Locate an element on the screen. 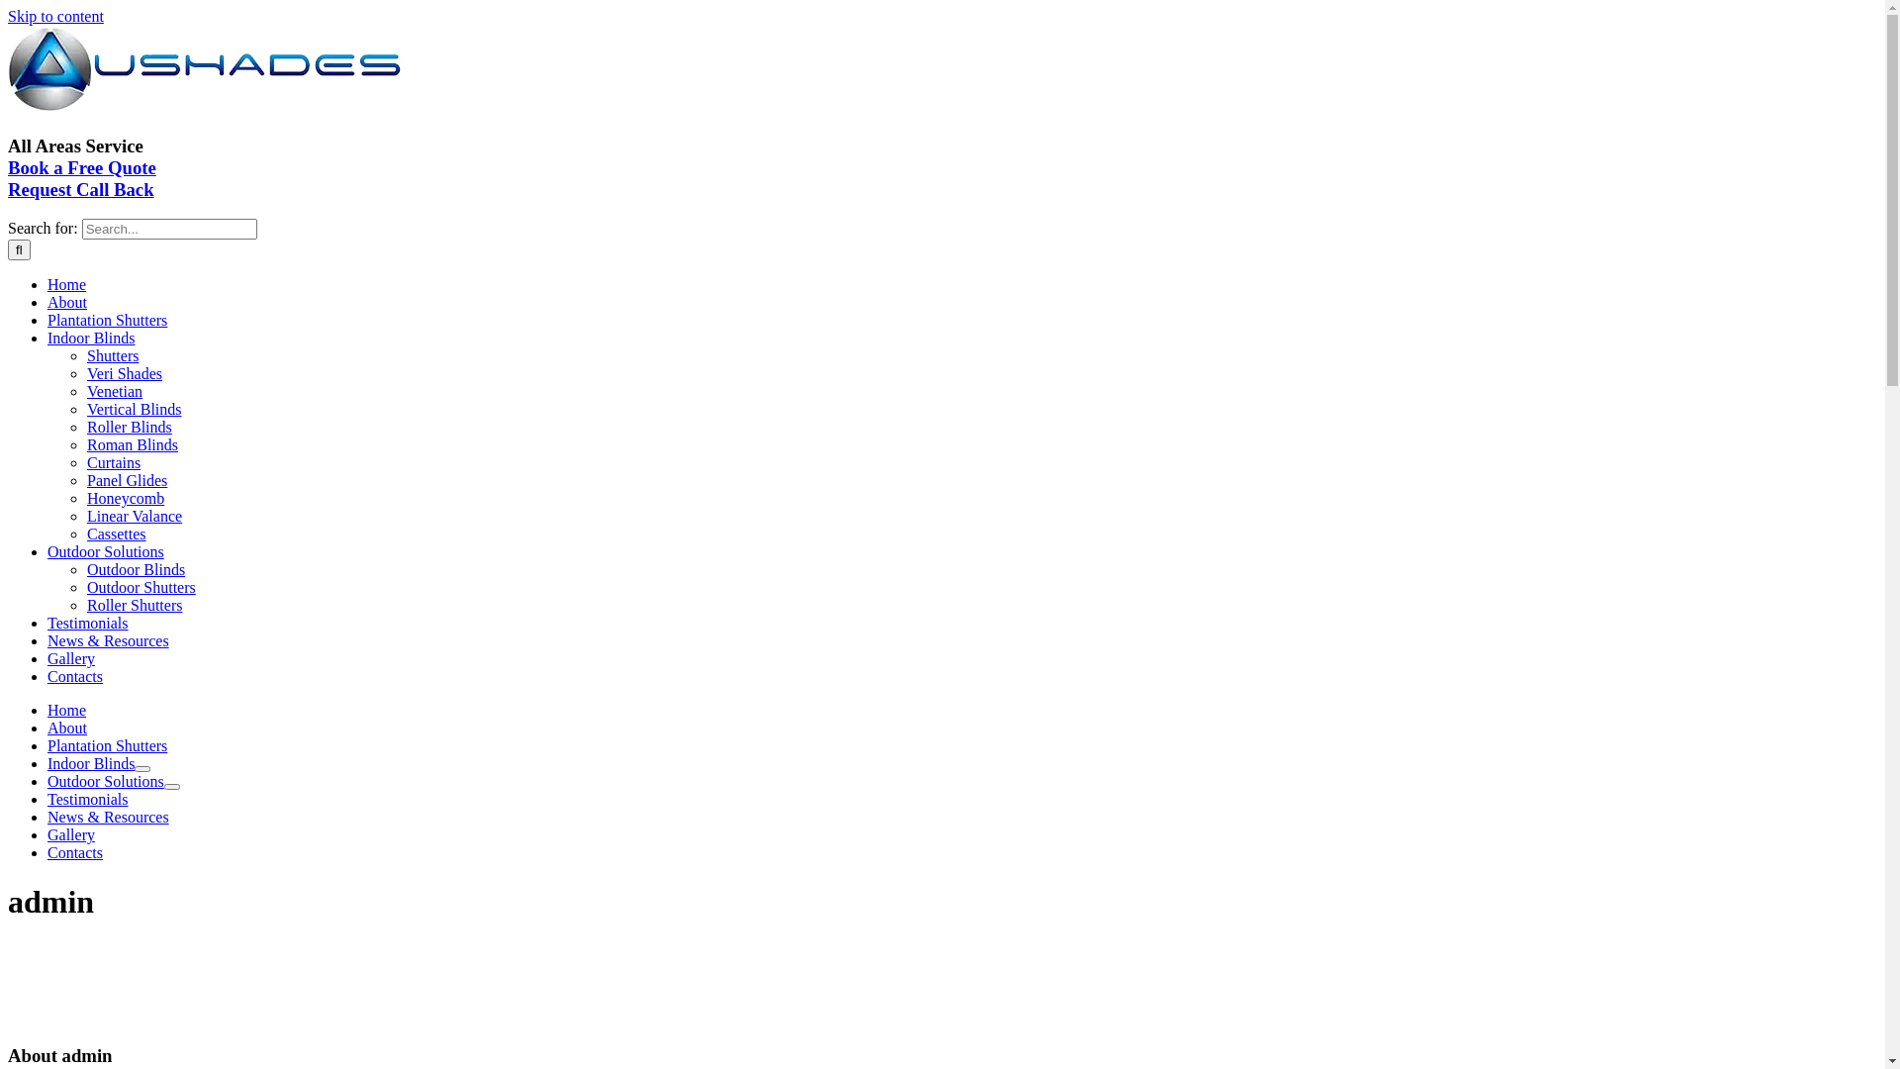  'Home' is located at coordinates (66, 284).